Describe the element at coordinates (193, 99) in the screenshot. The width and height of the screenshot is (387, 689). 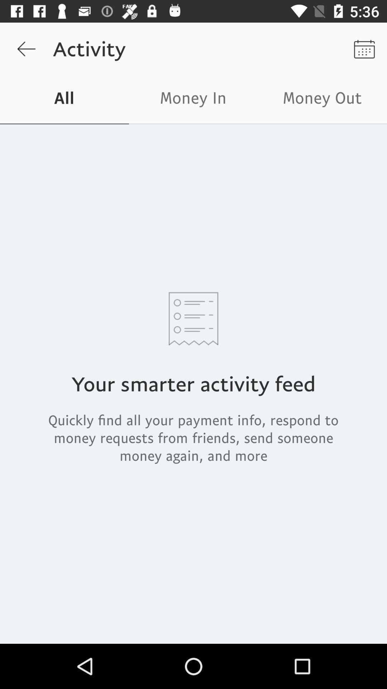
I see `icon to the left of the money out` at that location.